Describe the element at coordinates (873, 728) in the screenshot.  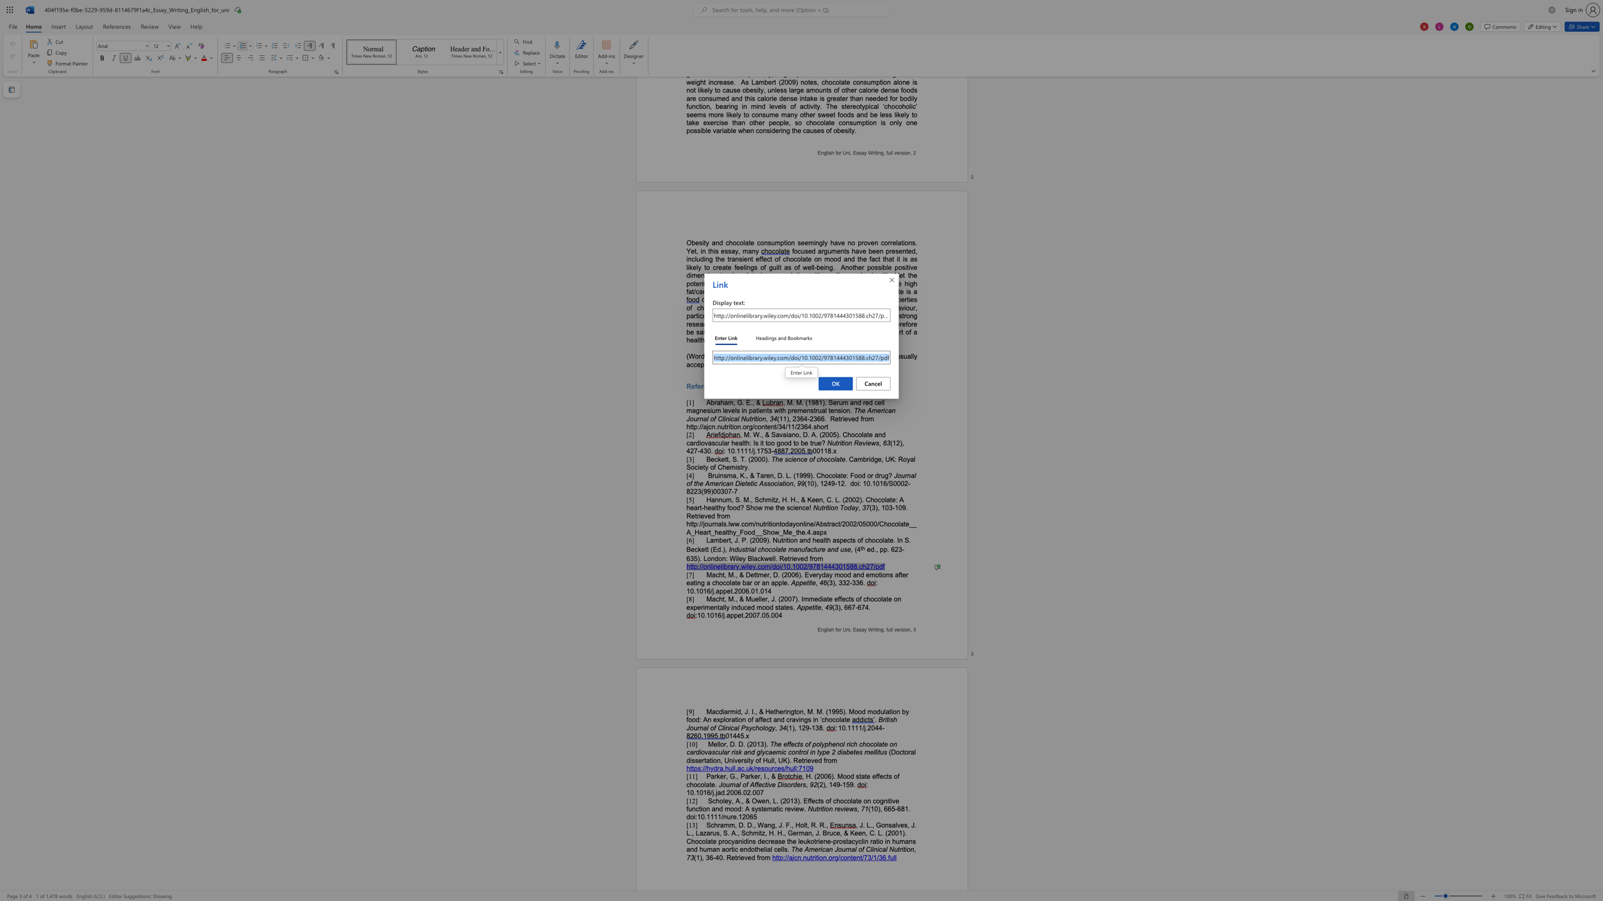
I see `the 2th character "0" in the text` at that location.